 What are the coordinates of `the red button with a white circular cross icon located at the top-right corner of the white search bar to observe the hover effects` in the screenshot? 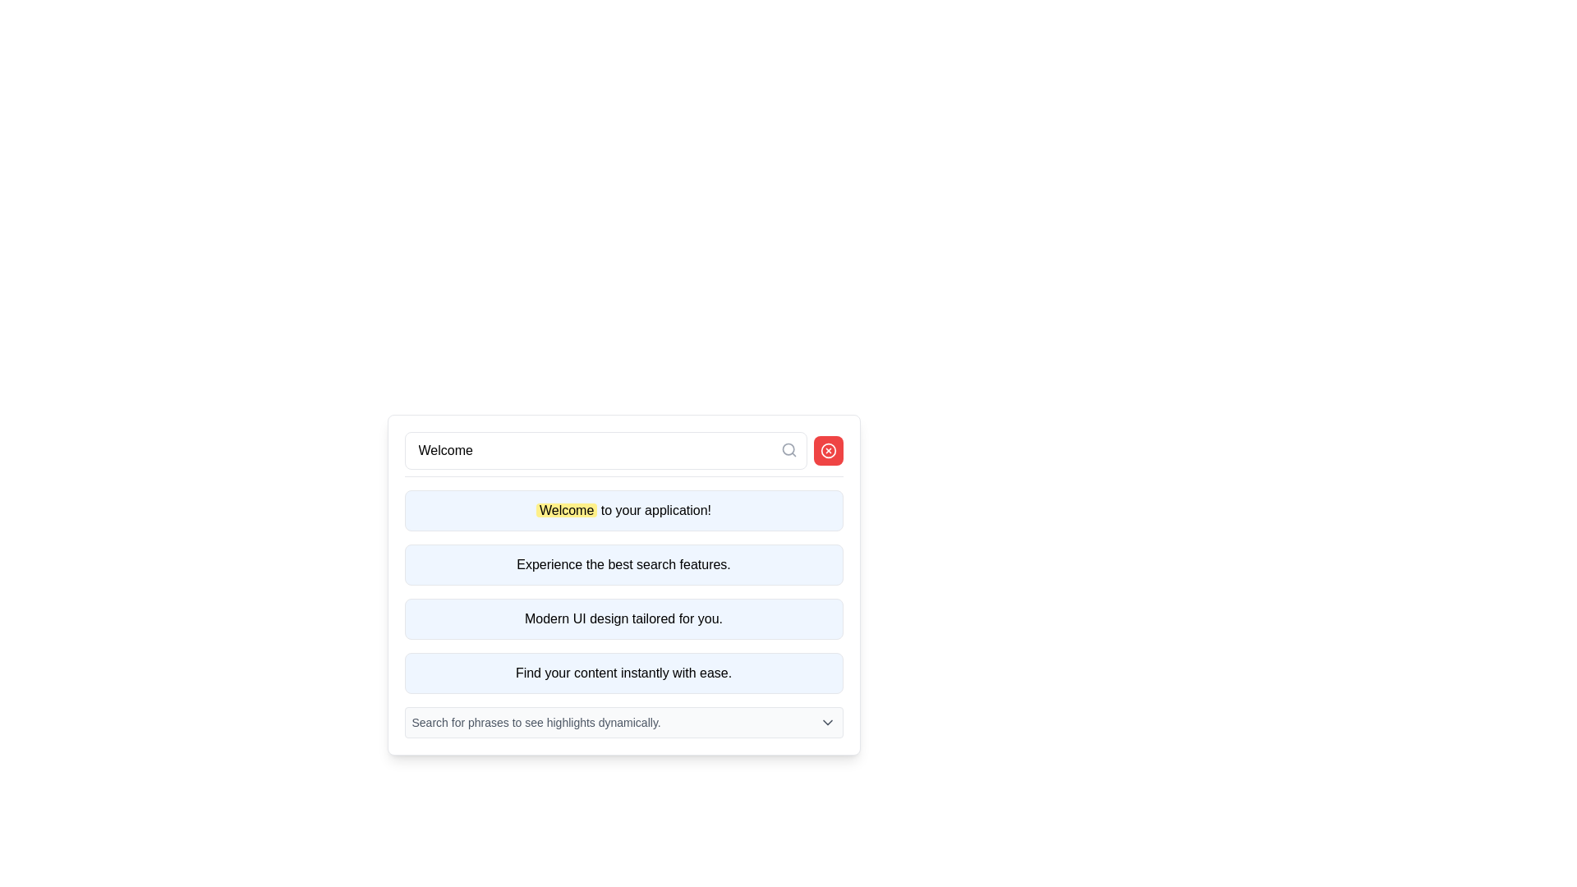 It's located at (828, 450).